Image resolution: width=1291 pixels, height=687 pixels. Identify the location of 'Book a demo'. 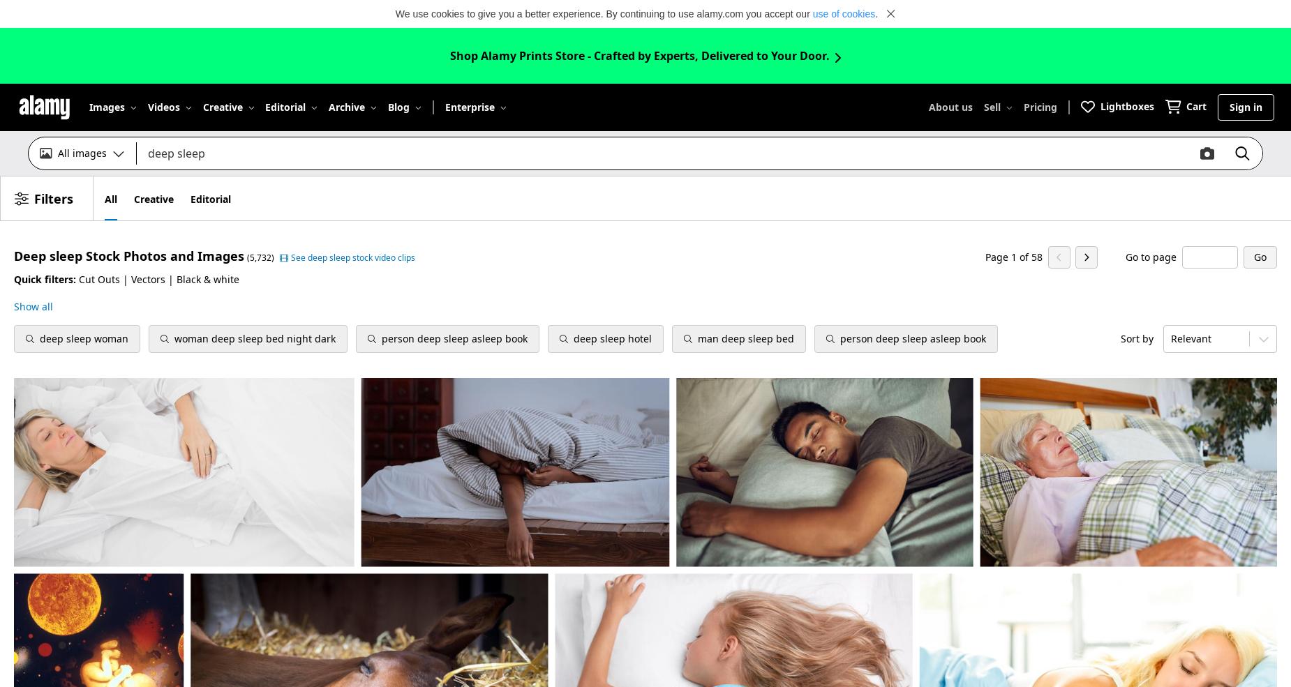
(449, 349).